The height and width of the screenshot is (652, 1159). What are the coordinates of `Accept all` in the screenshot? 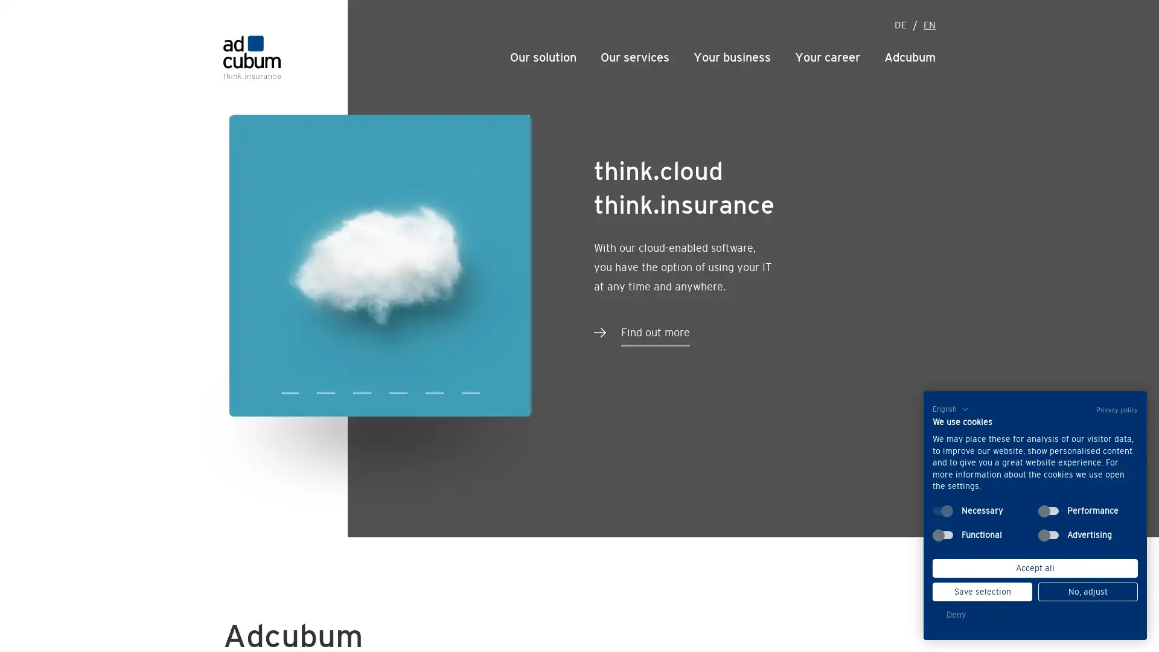 It's located at (1034, 568).